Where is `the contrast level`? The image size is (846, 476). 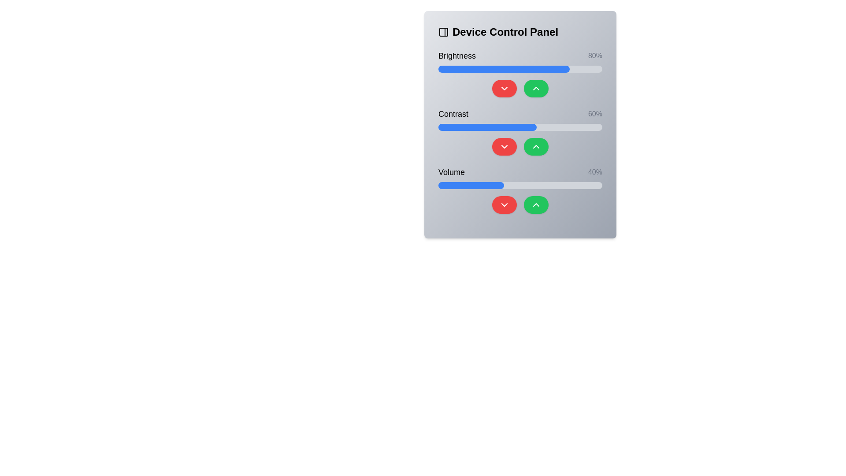
the contrast level is located at coordinates (461, 127).